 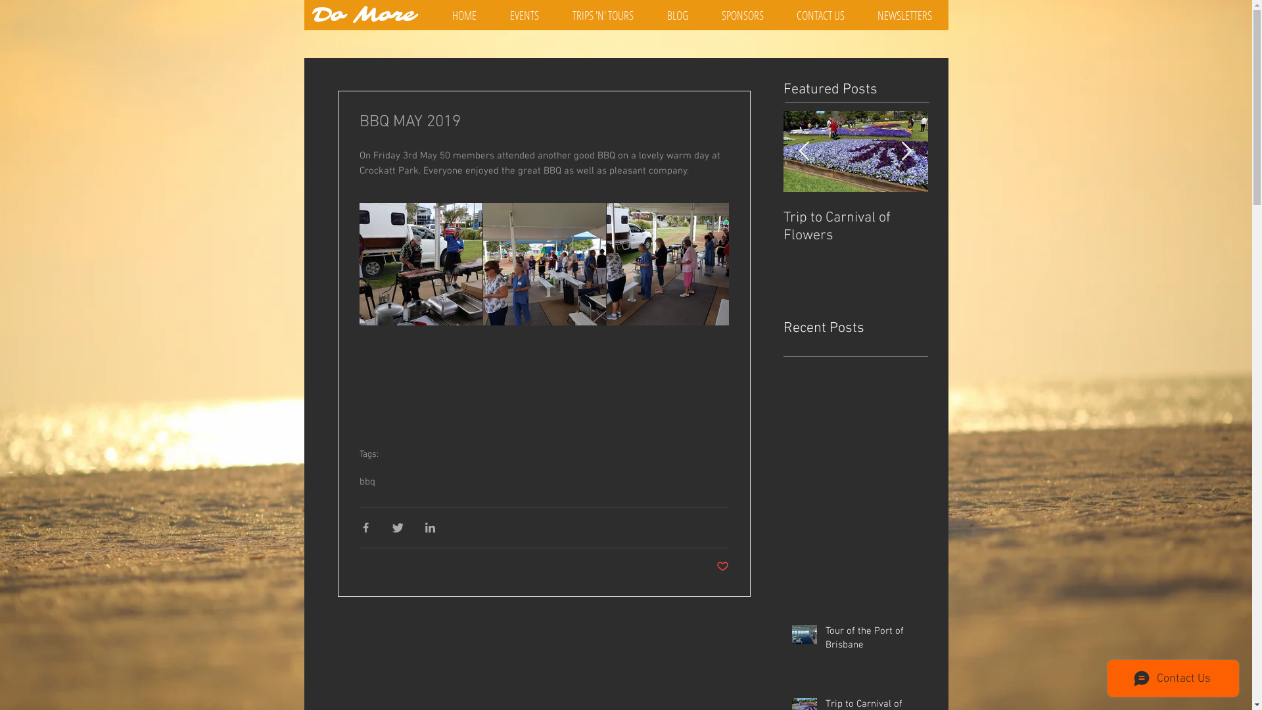 What do you see at coordinates (359, 481) in the screenshot?
I see `'bbq'` at bounding box center [359, 481].